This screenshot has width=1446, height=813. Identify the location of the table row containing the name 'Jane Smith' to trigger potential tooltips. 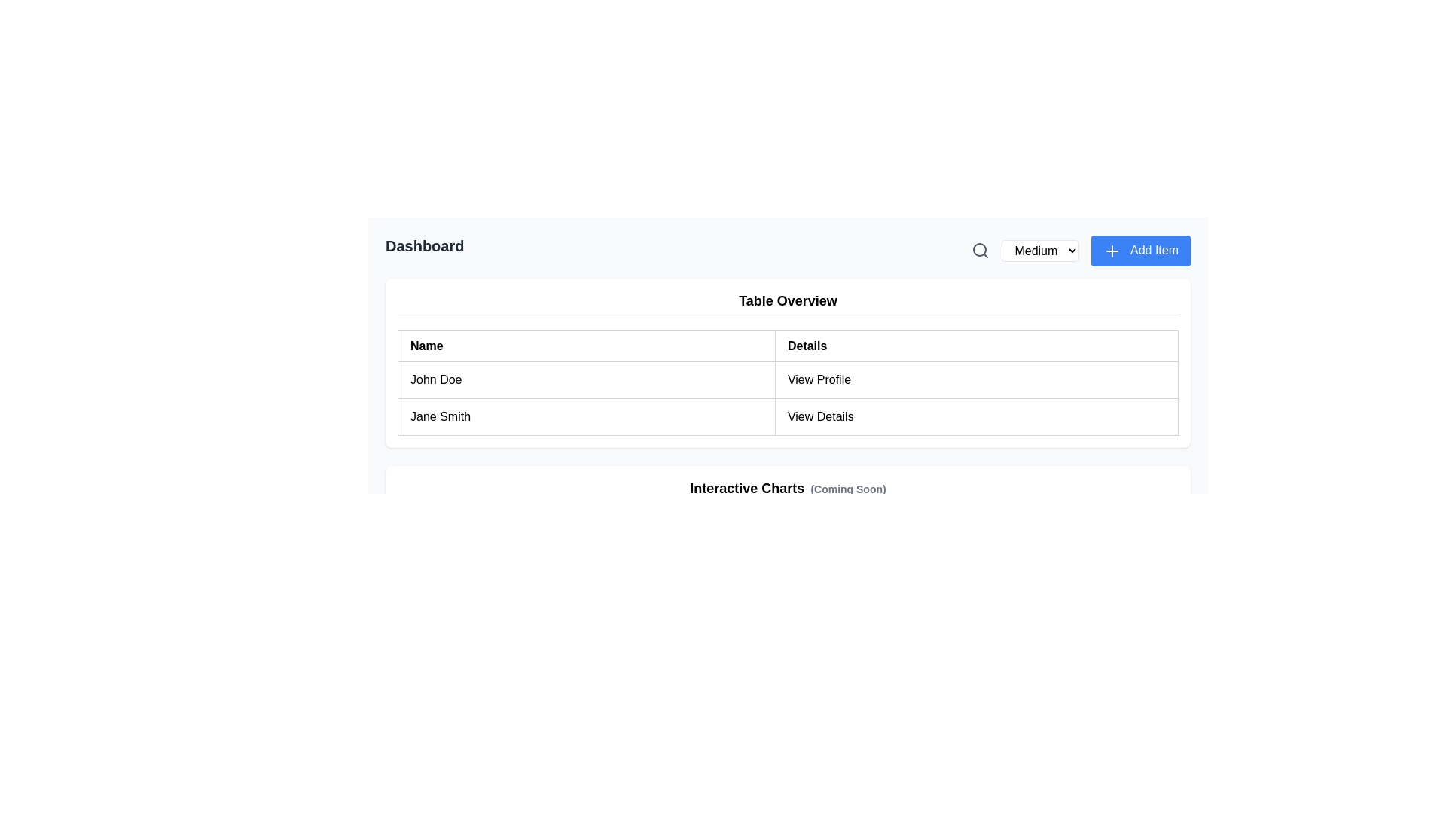
(787, 416).